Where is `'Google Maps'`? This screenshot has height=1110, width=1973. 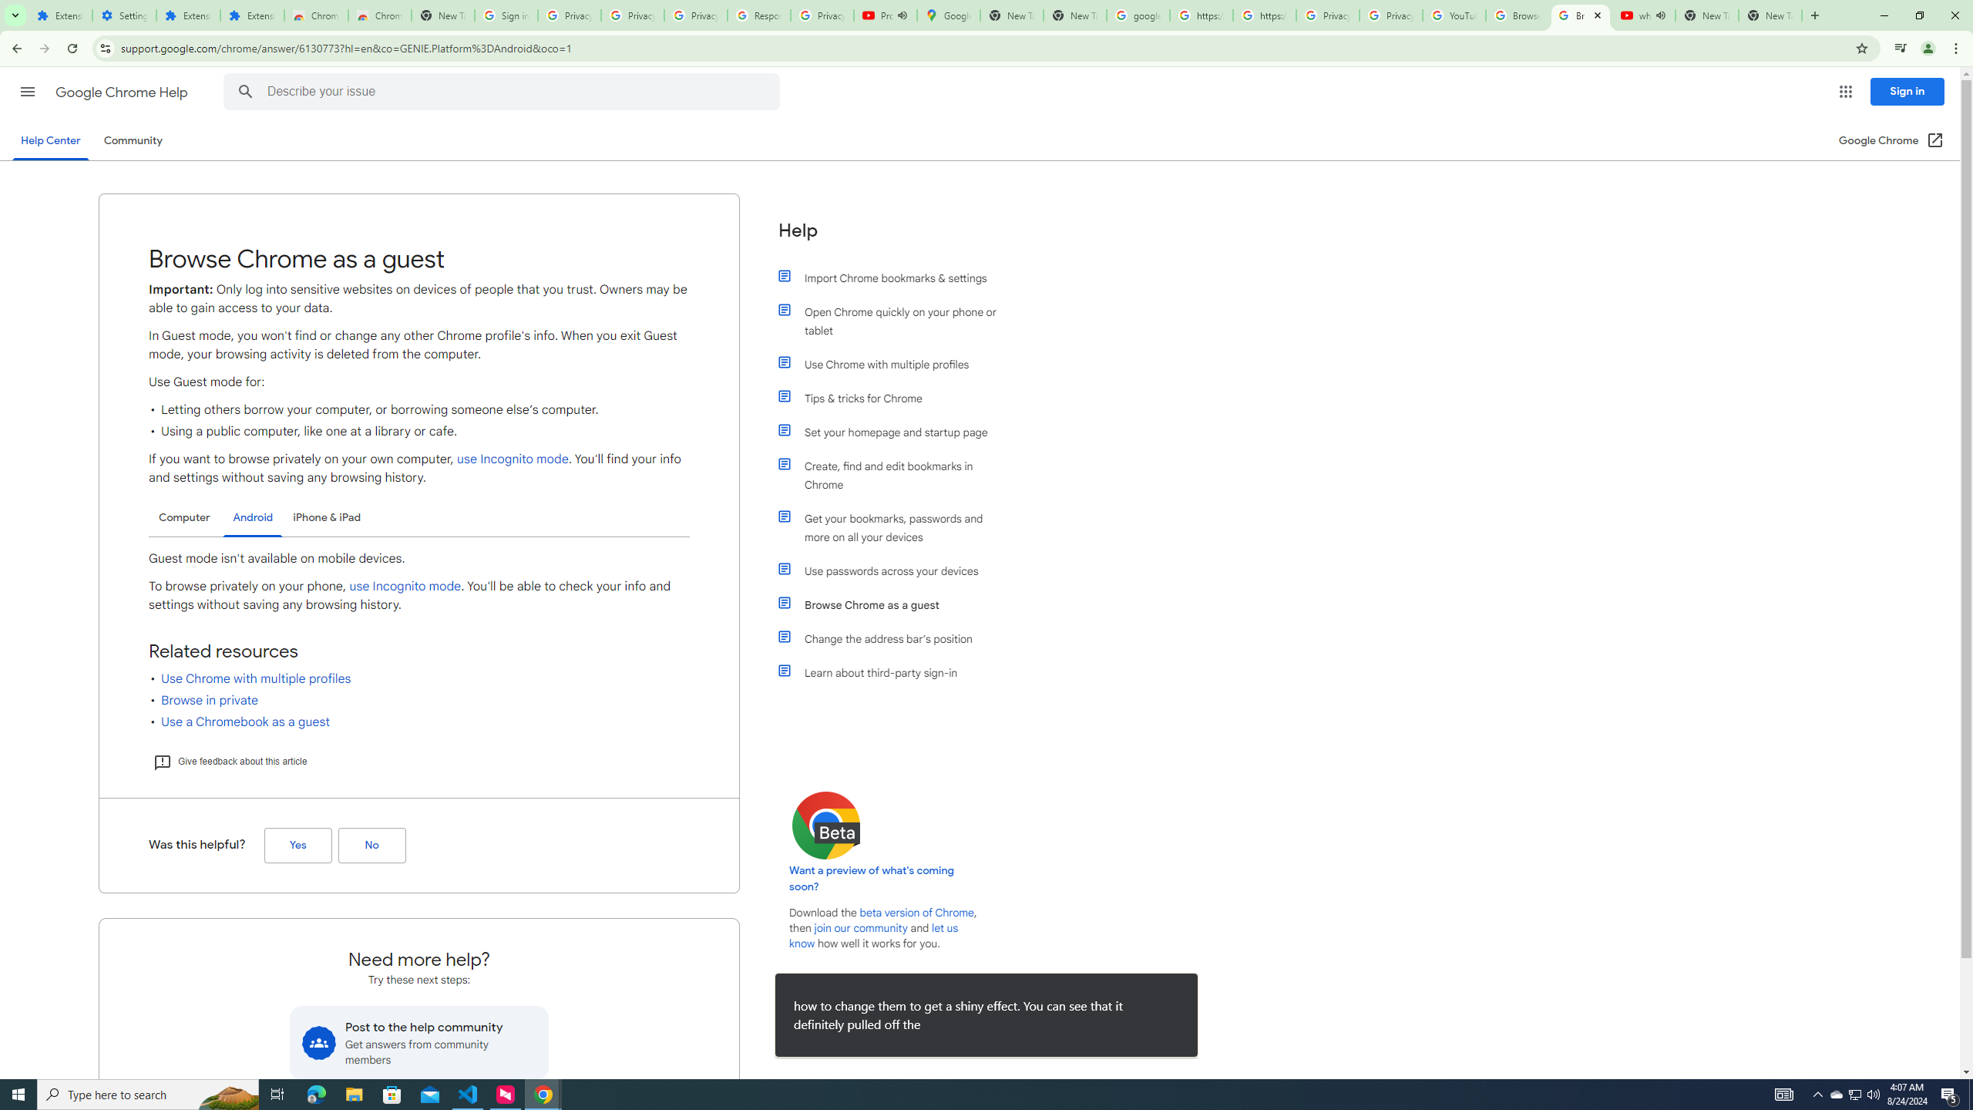 'Google Maps' is located at coordinates (948, 15).